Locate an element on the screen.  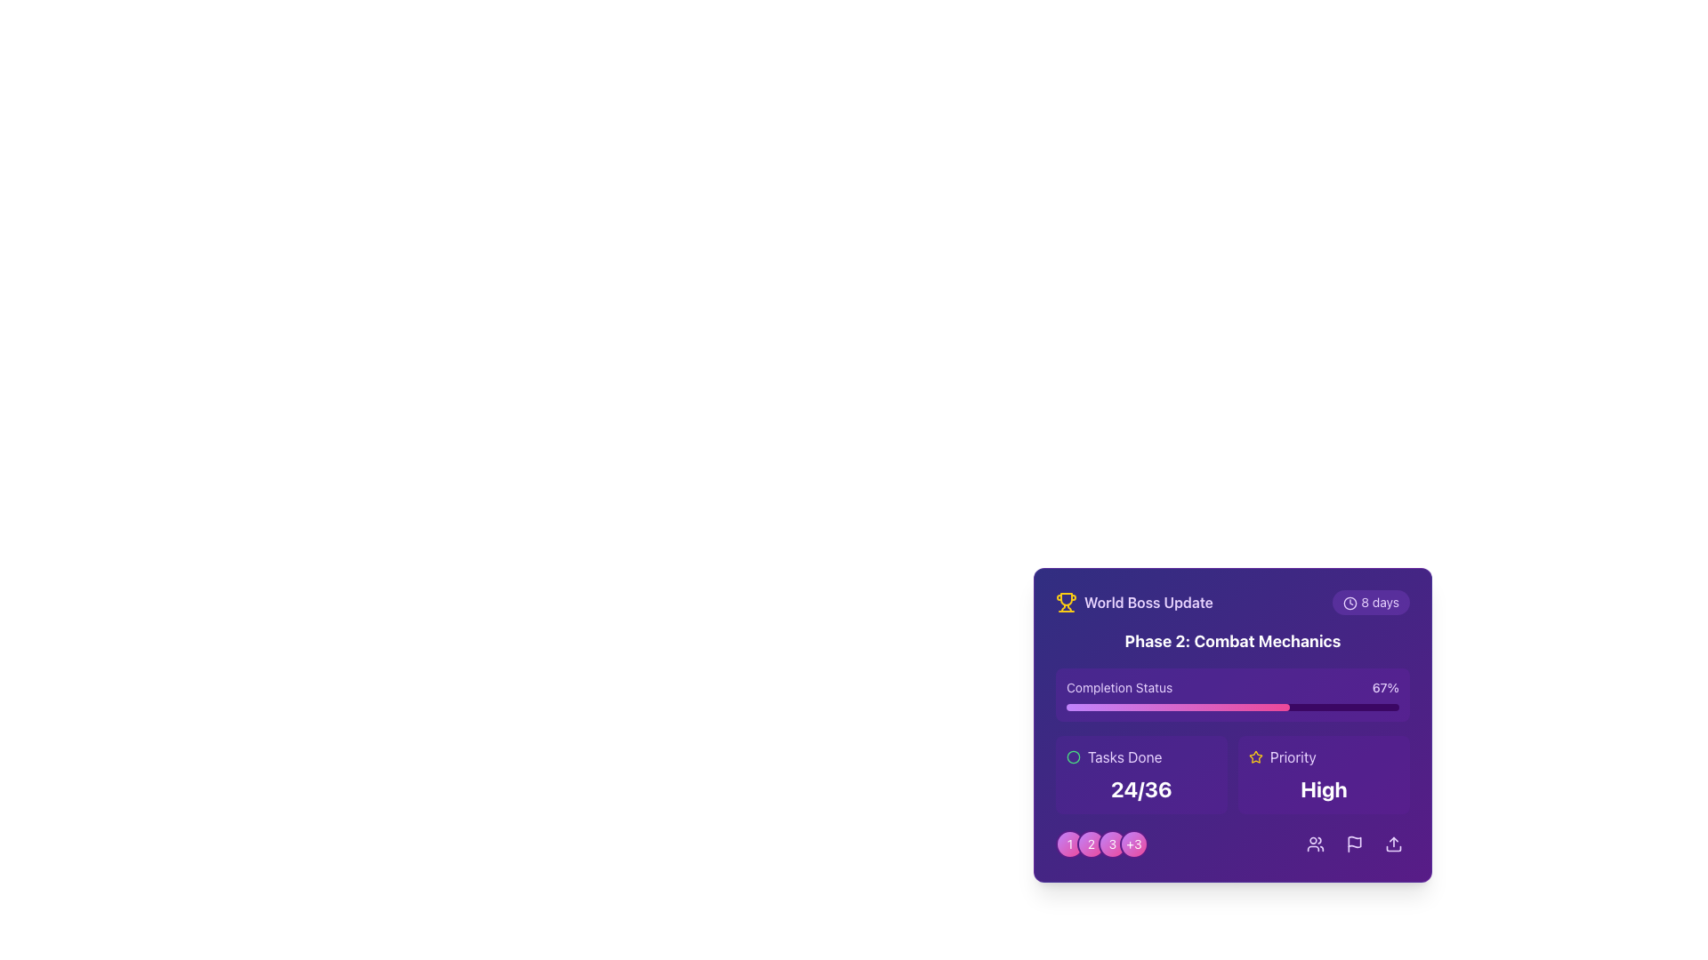
the informational label indicating '8 days' located in the top-right corner of the purple card for 'World Boss Update' is located at coordinates (1370, 602).